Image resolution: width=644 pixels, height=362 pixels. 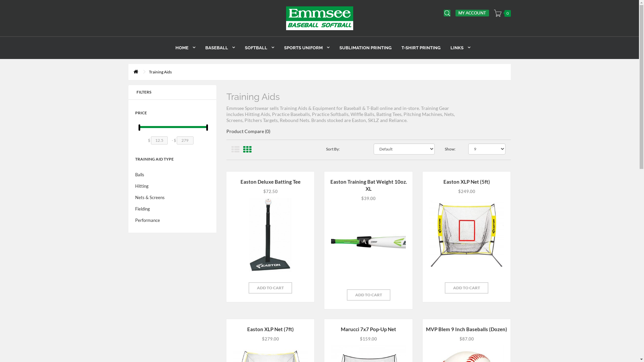 What do you see at coordinates (172, 197) in the screenshot?
I see `'Nets & Screens'` at bounding box center [172, 197].